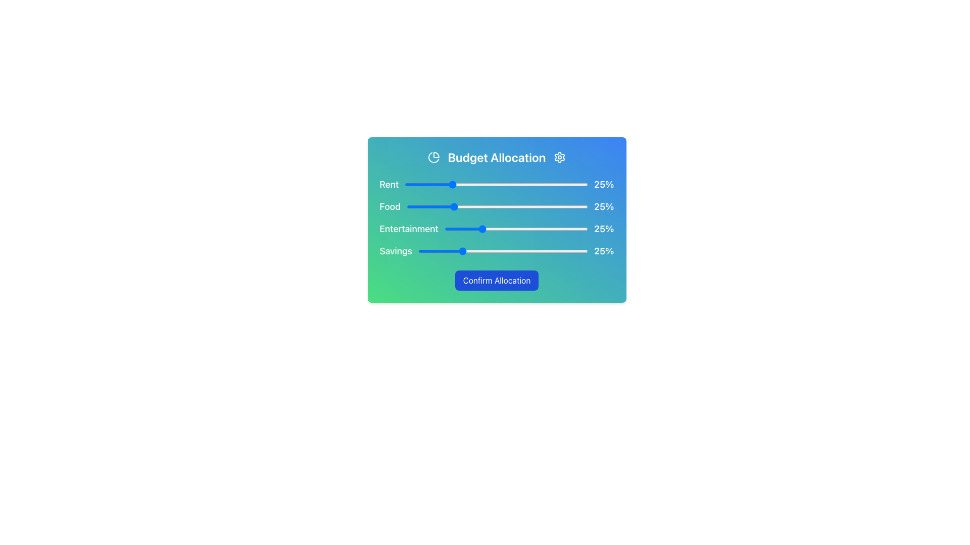 Image resolution: width=970 pixels, height=545 pixels. Describe the element at coordinates (489, 185) in the screenshot. I see `the slider value` at that location.